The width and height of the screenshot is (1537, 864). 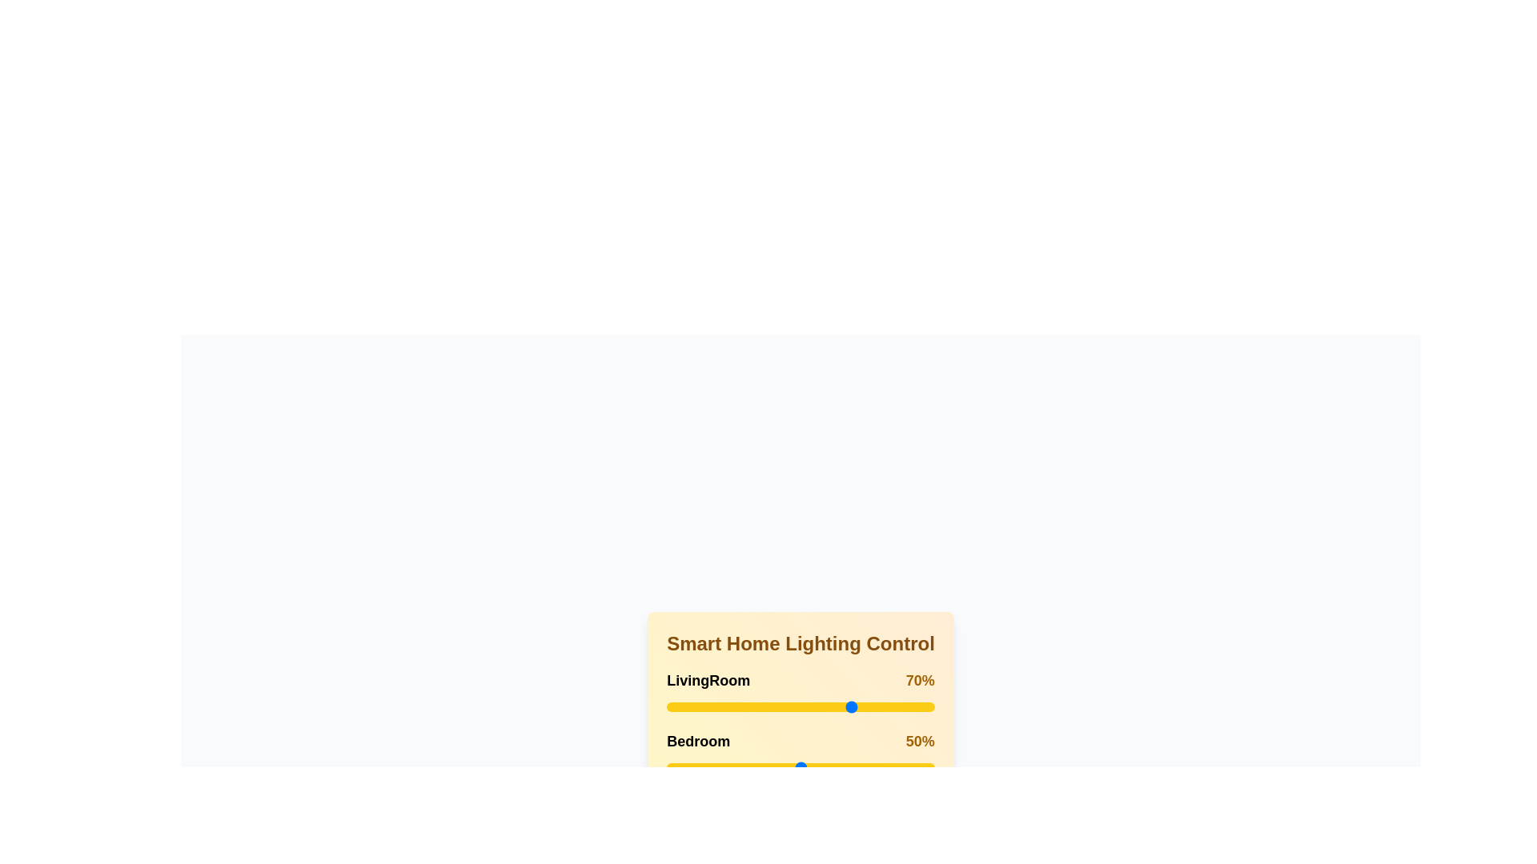 I want to click on bedroom light intensity, so click(x=748, y=767).